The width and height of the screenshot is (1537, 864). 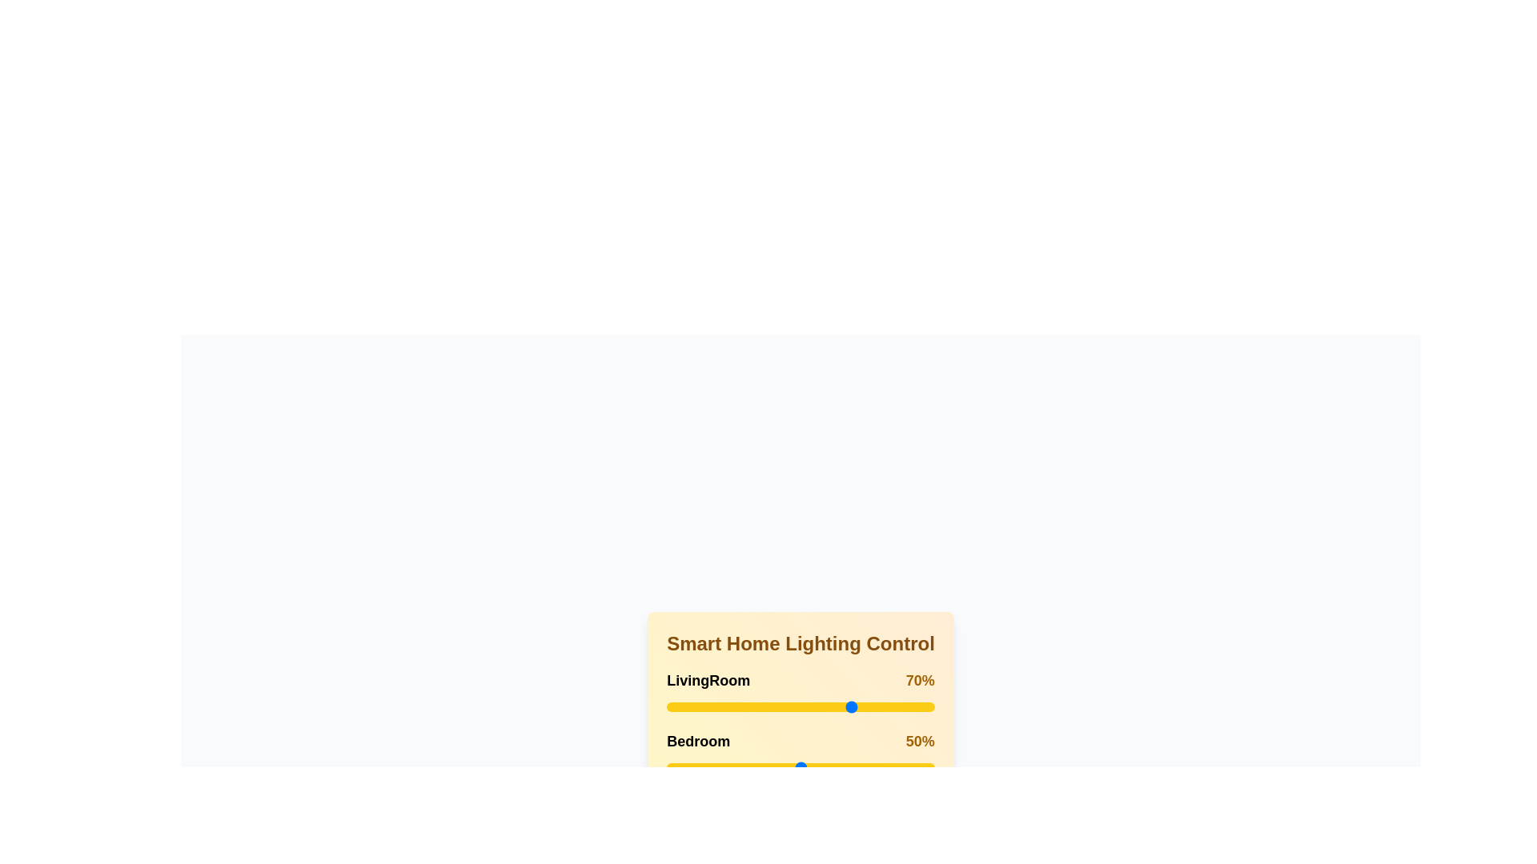 I want to click on bedroom light intensity, so click(x=748, y=767).